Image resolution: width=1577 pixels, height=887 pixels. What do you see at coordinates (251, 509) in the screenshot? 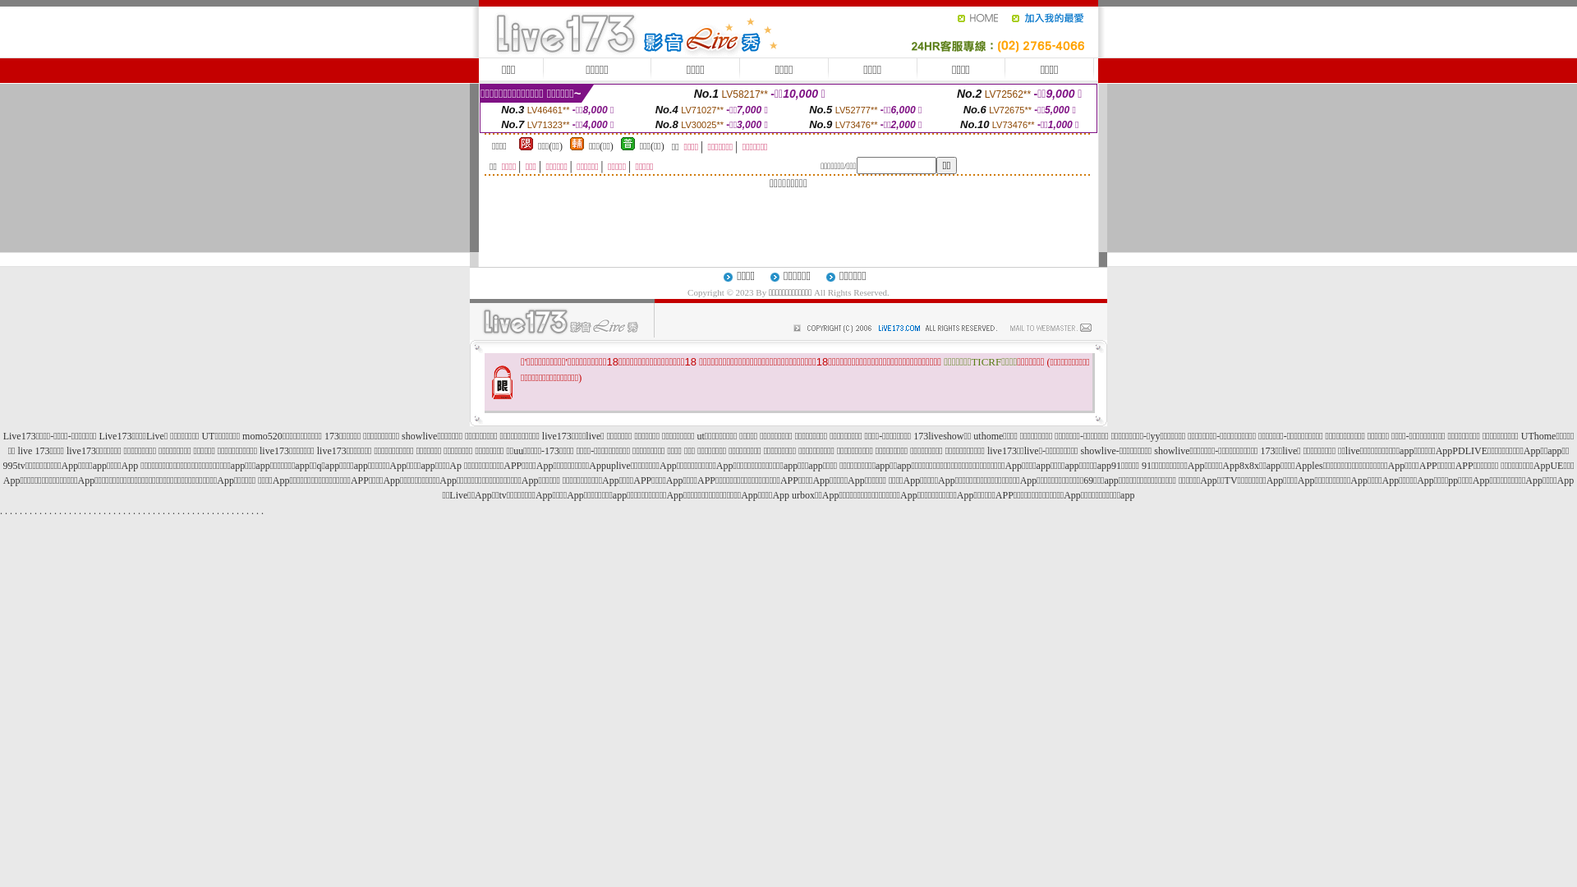
I see `'.'` at bounding box center [251, 509].